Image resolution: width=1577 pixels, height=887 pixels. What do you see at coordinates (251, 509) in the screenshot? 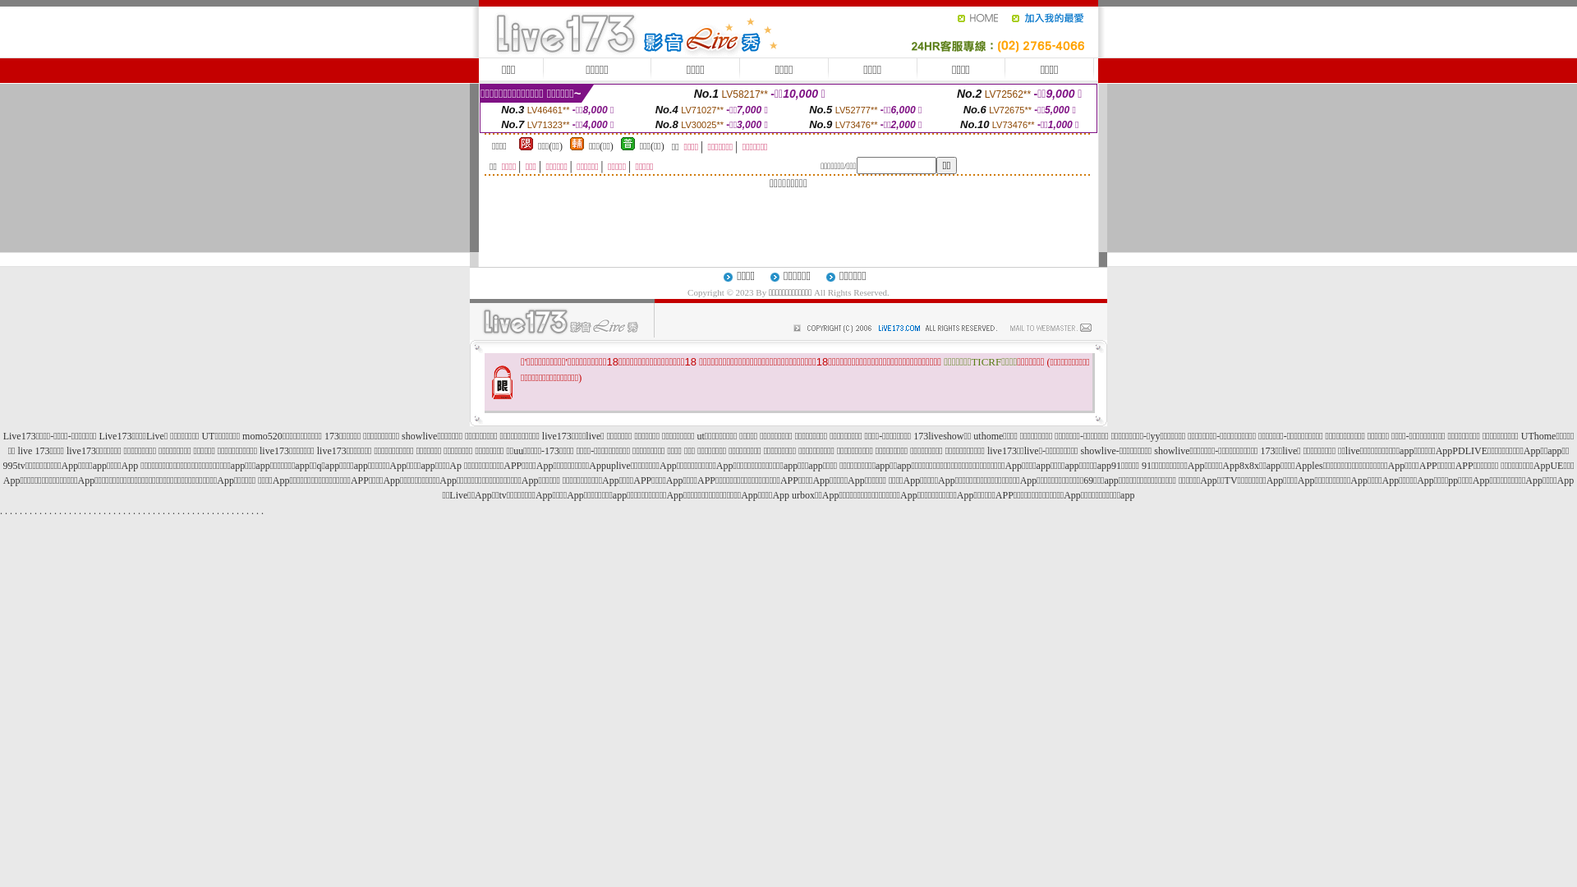
I see `'.'` at bounding box center [251, 509].